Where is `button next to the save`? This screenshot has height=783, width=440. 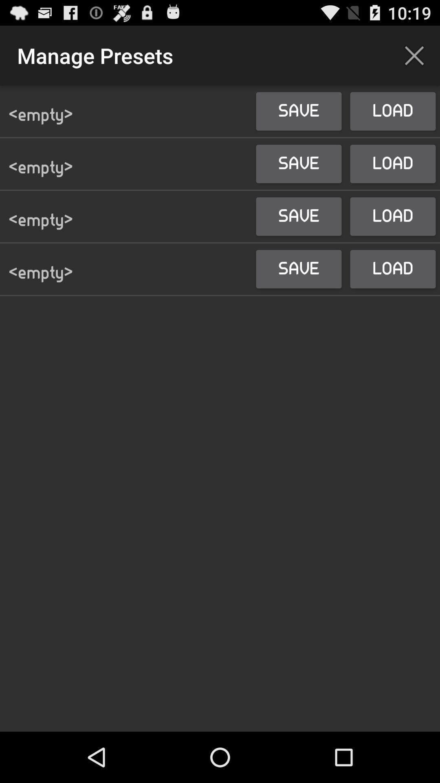 button next to the save is located at coordinates (414, 55).